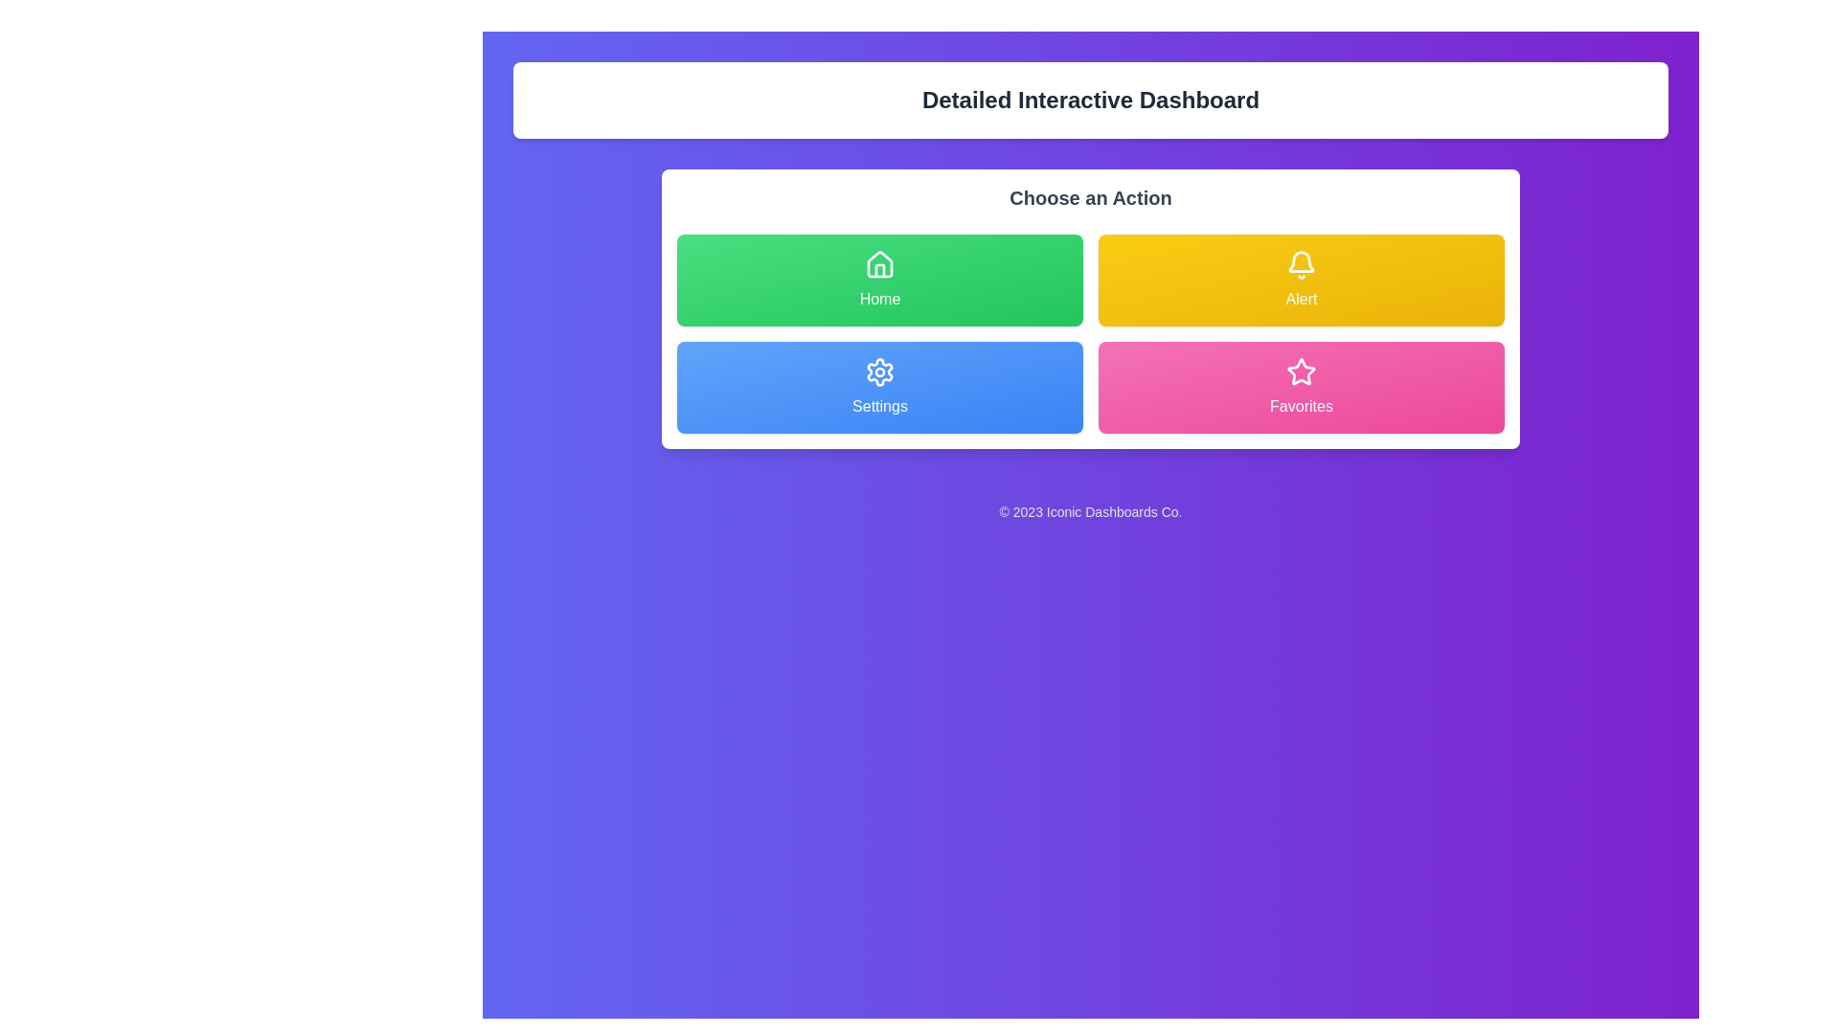 This screenshot has height=1034, width=1839. What do you see at coordinates (878, 388) in the screenshot?
I see `the blue rectangular button labeled 'Settings' with a cogwheel icon, located in the left column of the second row in a 2x2 grid layout` at bounding box center [878, 388].